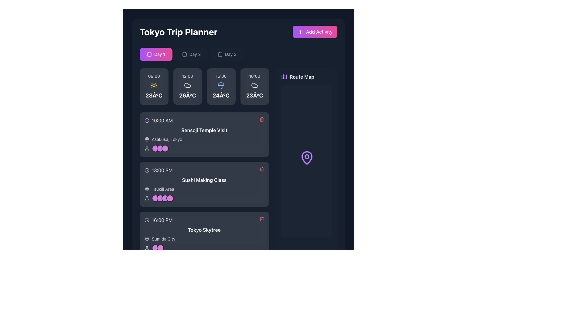 This screenshot has height=328, width=583. I want to click on the linked page of the User group visualization component located in the 'Sushi Making Class' section, positioned underneath the text 'Tsukiji Area', so click(204, 198).